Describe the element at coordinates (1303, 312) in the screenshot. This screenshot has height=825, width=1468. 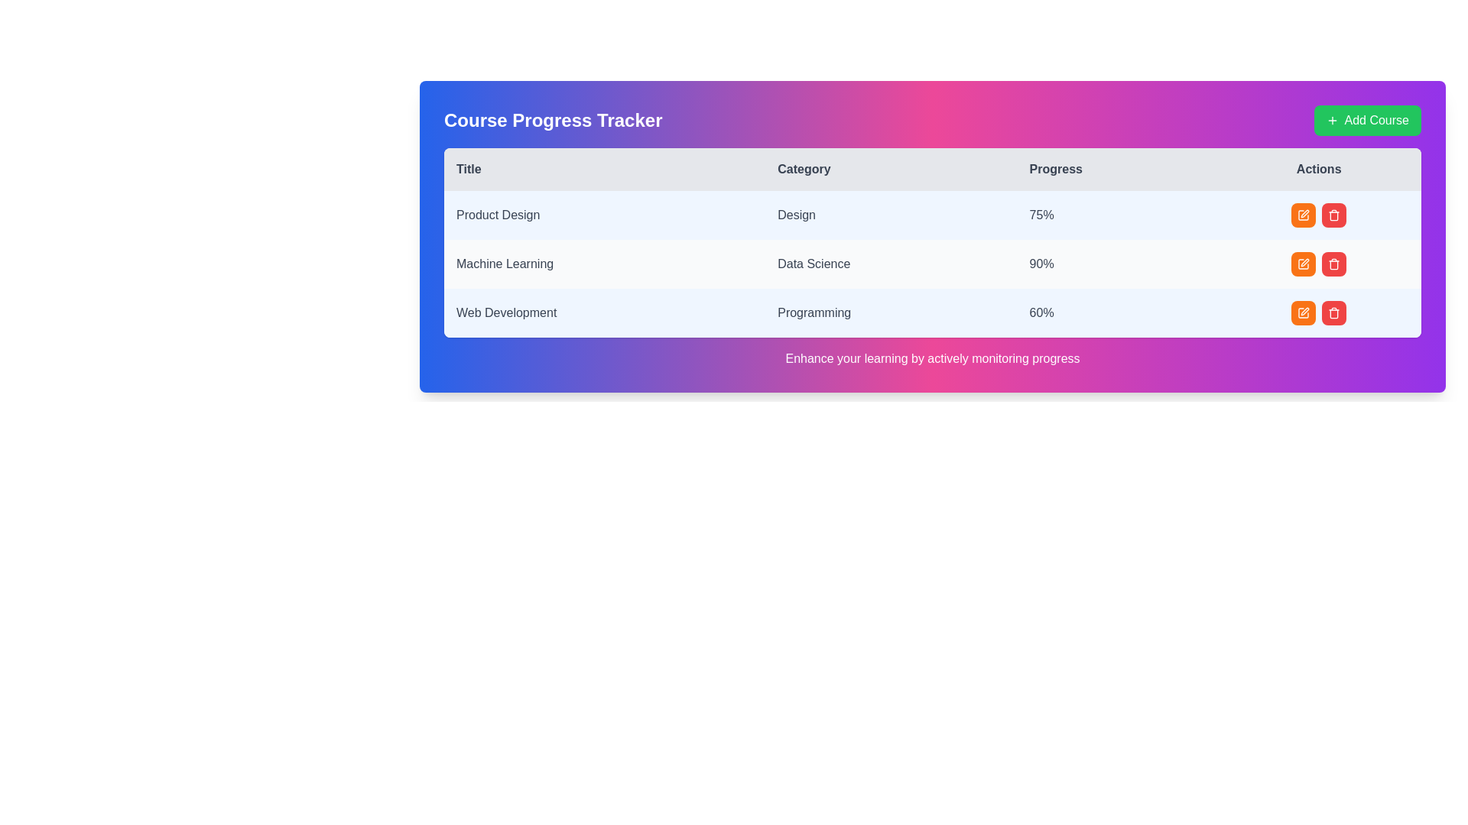
I see `the edit button for the 'Web Development' course in the 'Actions' column of the 'Course Progress Tracker' table` at that location.